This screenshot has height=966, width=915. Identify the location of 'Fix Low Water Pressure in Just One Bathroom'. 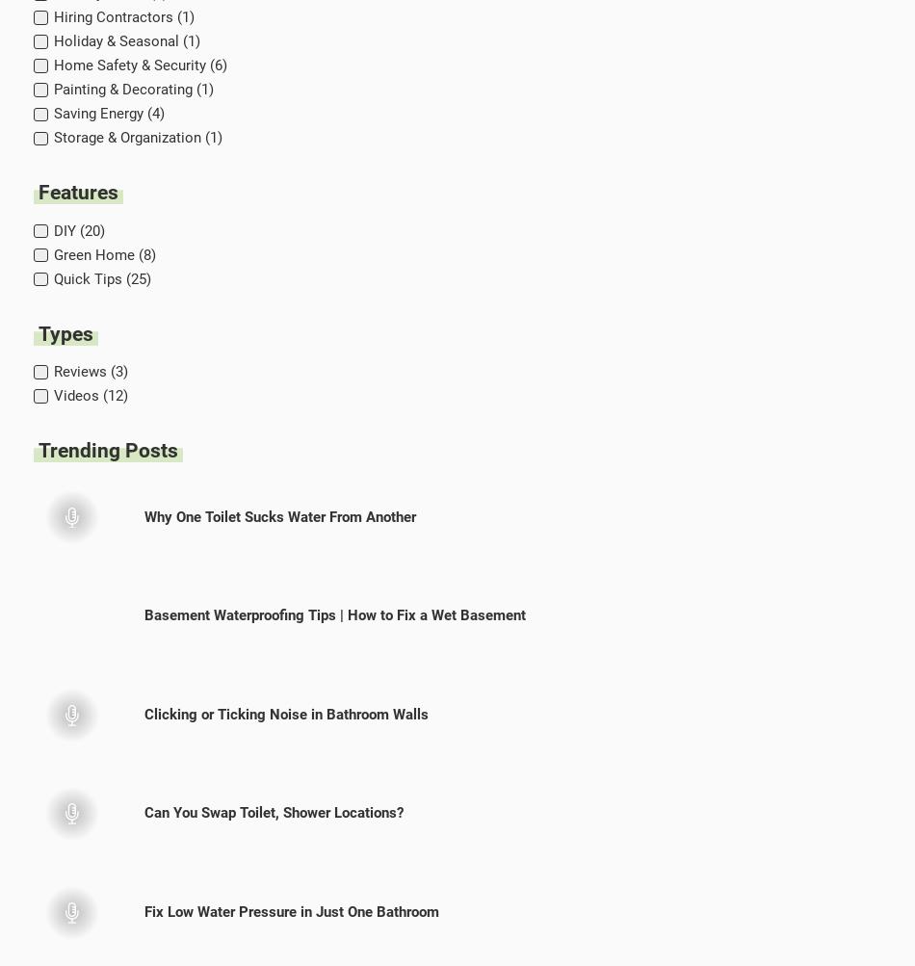
(290, 911).